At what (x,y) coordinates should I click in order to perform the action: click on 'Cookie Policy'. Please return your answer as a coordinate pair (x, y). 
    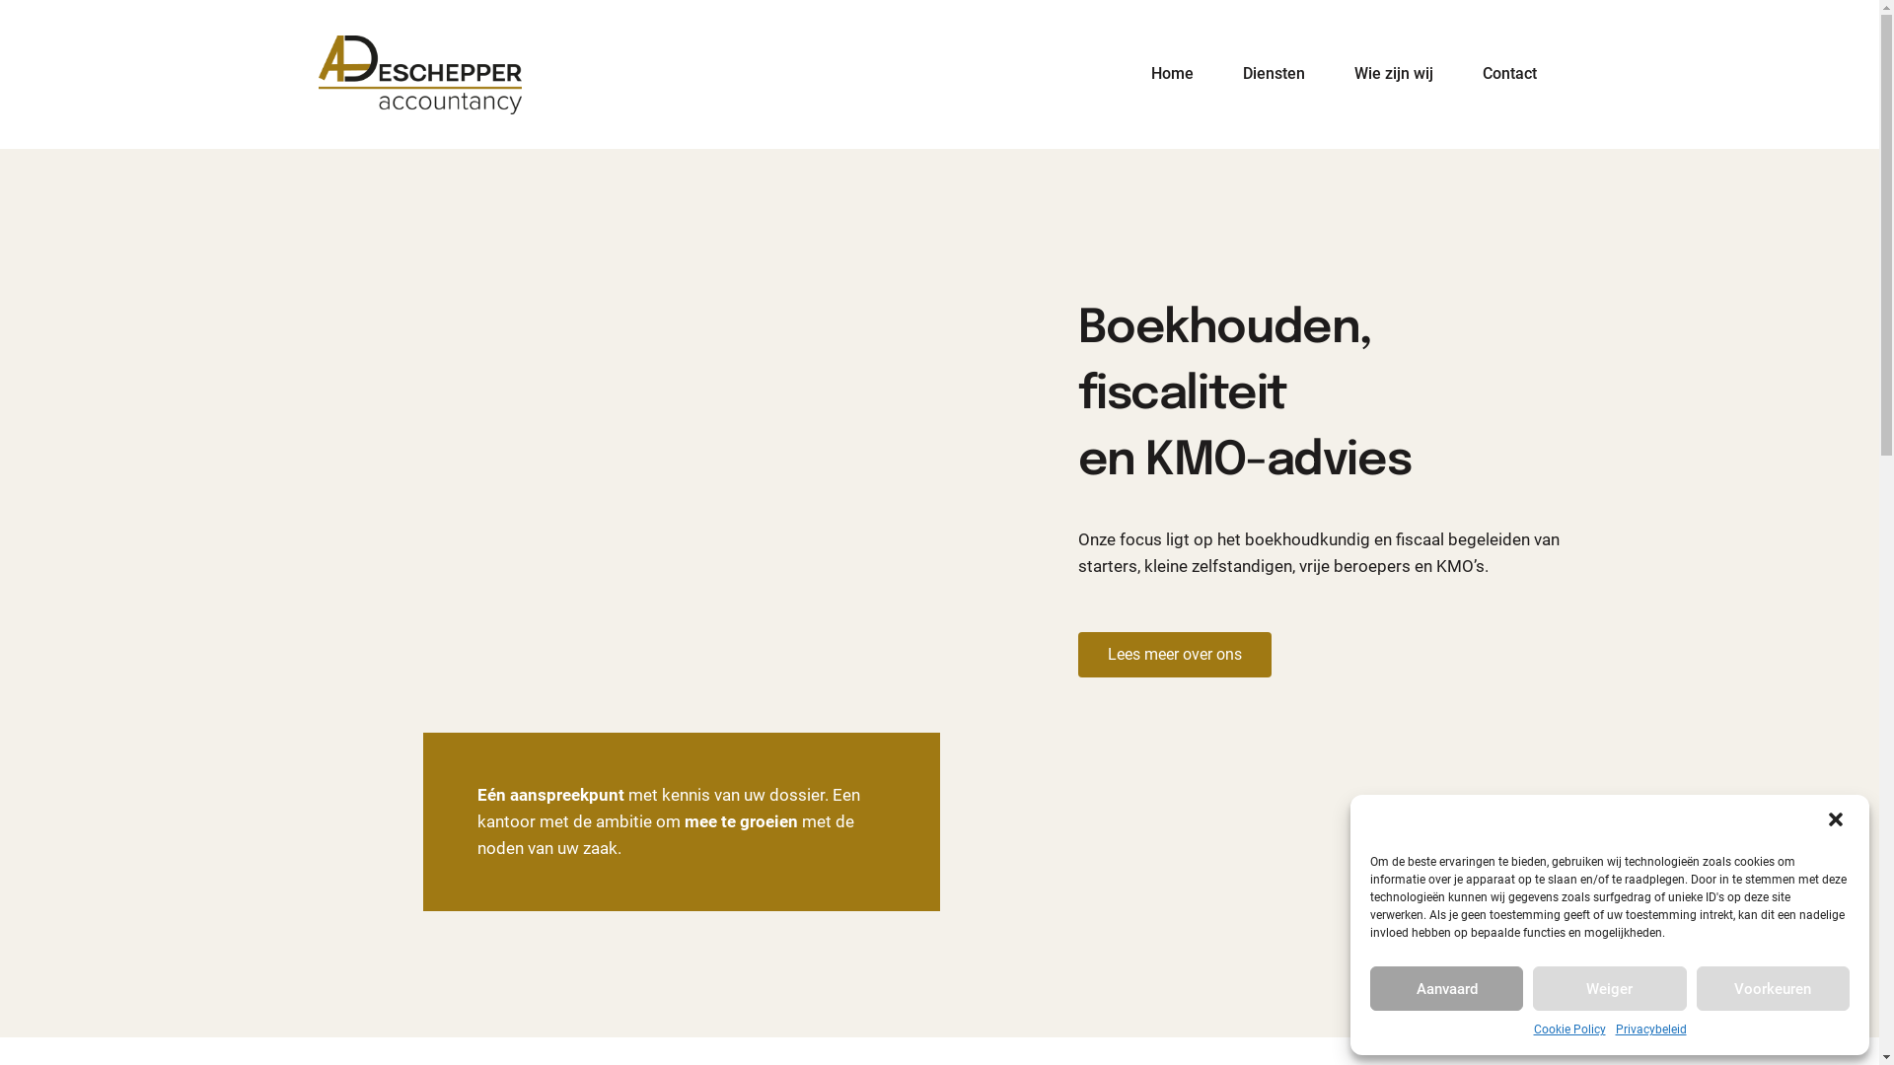
    Looking at the image, I should click on (1567, 1029).